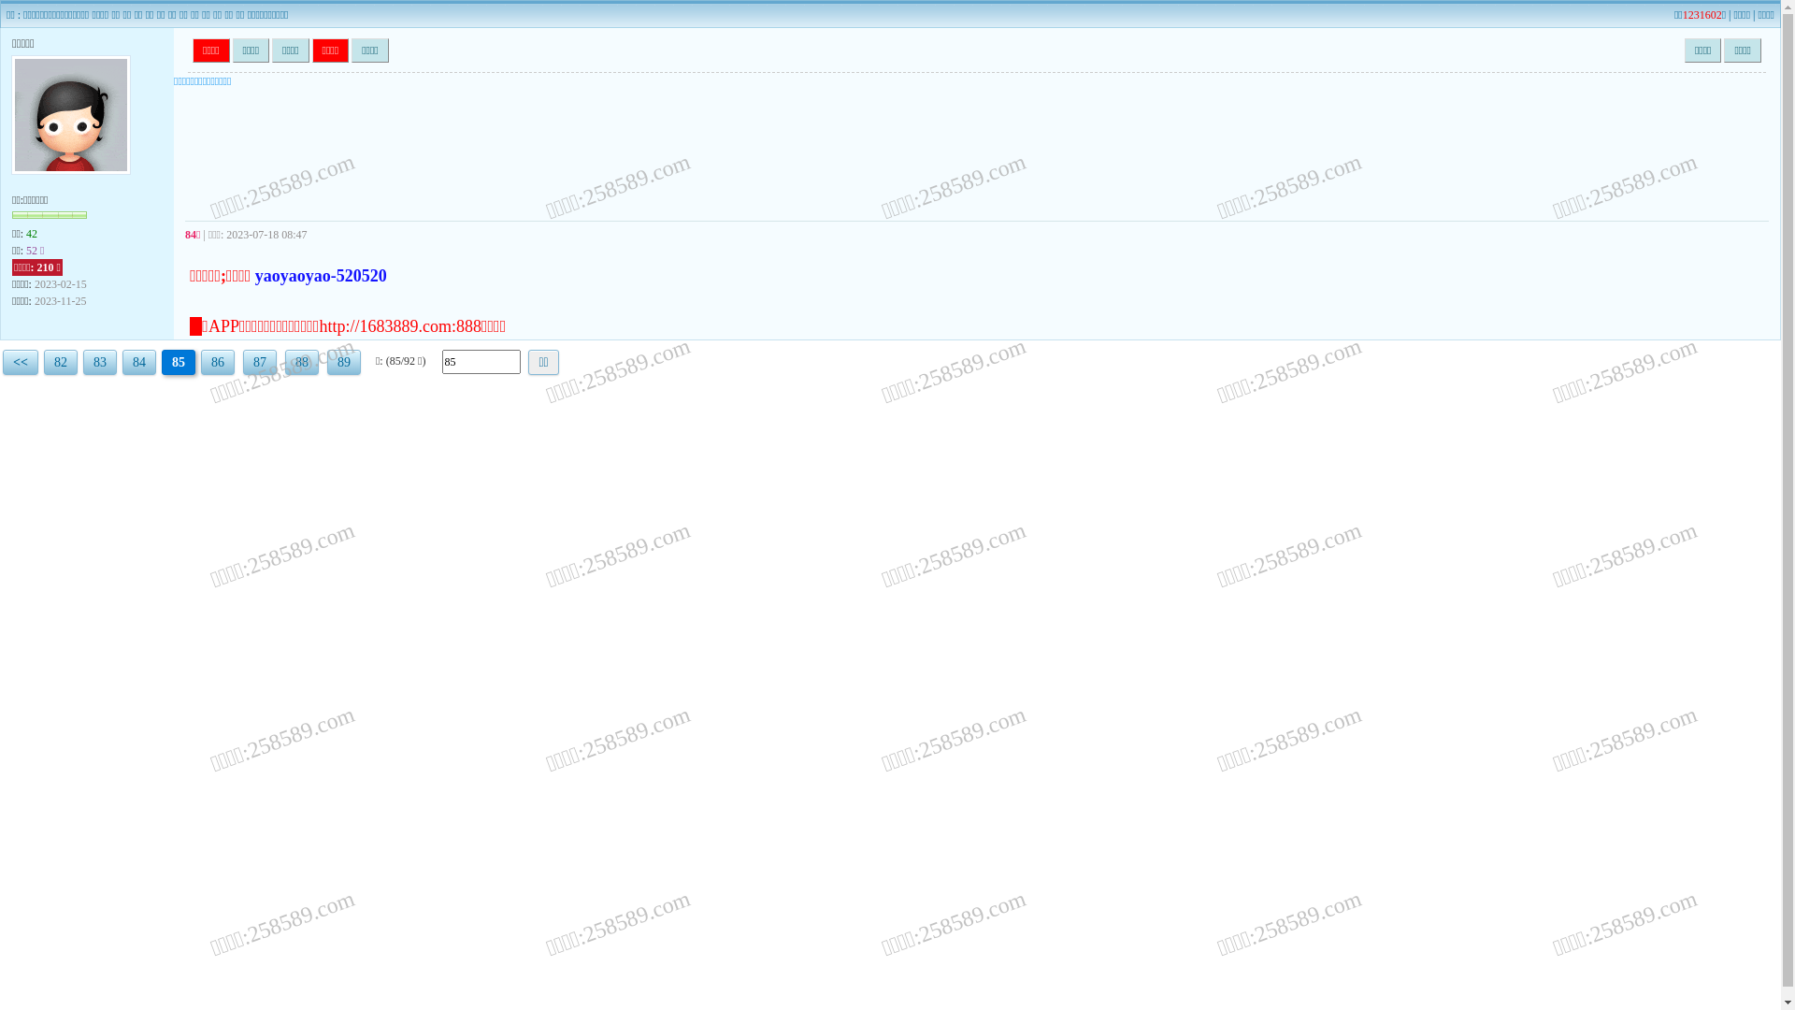  What do you see at coordinates (61, 362) in the screenshot?
I see `'82'` at bounding box center [61, 362].